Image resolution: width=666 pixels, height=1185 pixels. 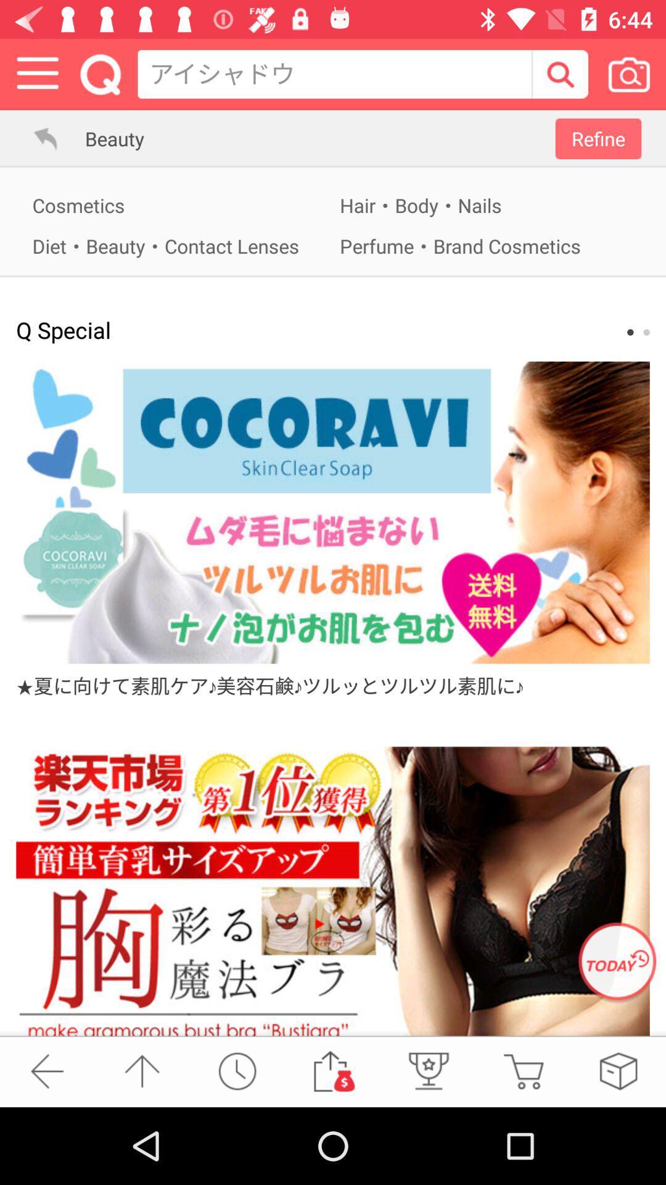 What do you see at coordinates (628, 73) in the screenshot?
I see `take a picture` at bounding box center [628, 73].